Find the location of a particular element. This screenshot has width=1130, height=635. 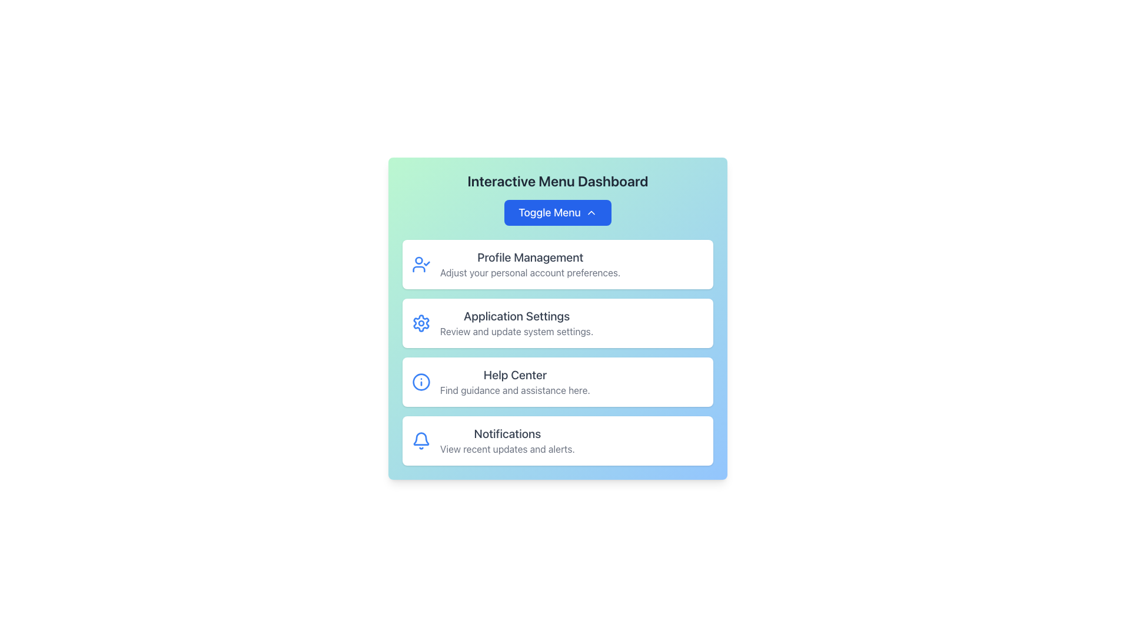

the text label displaying the title 'Application Settings', which is styled in a larger bold font and is dark gray in color, positioned between 'Profile Management' and 'Help Center' is located at coordinates (517, 315).